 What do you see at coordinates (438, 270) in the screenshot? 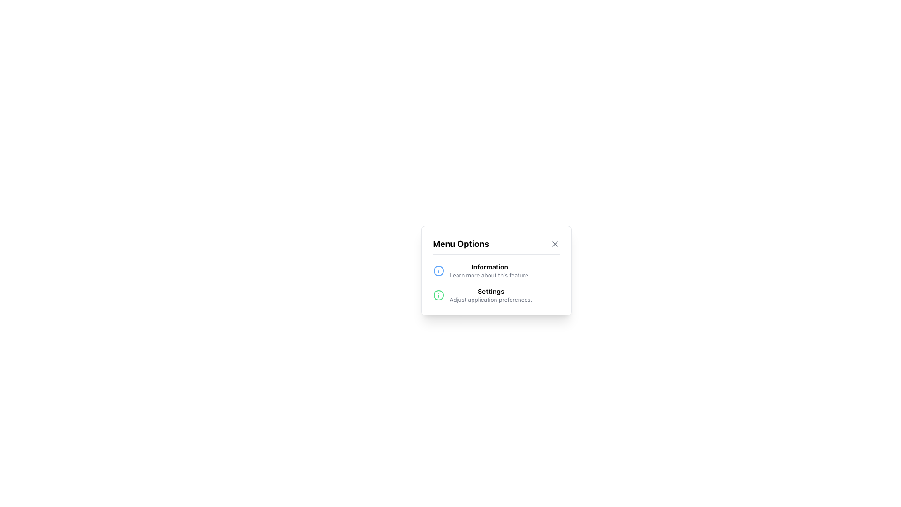
I see `the icon that visually indicates information or guidance, located to the left of the text 'Information' and 'Learn more about this feature.'` at bounding box center [438, 270].